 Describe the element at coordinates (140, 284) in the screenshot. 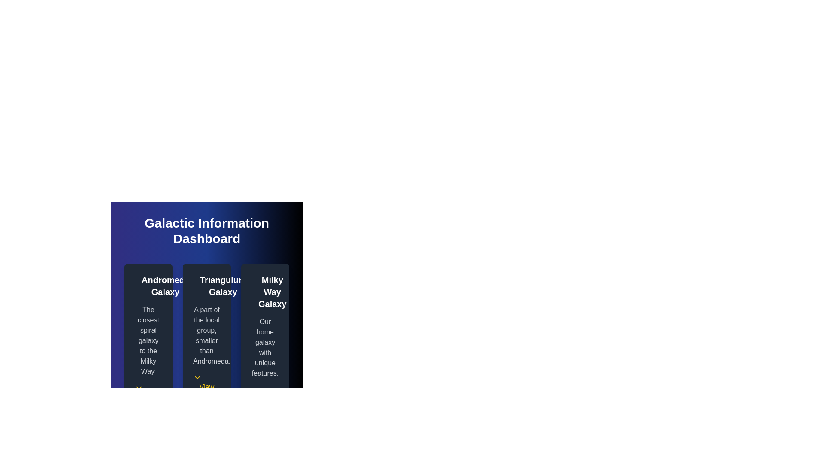

I see `the circular SVG graphic element that is part of the globe icon located at the top-left corner of the 'Andromeda Galaxy' card` at that location.